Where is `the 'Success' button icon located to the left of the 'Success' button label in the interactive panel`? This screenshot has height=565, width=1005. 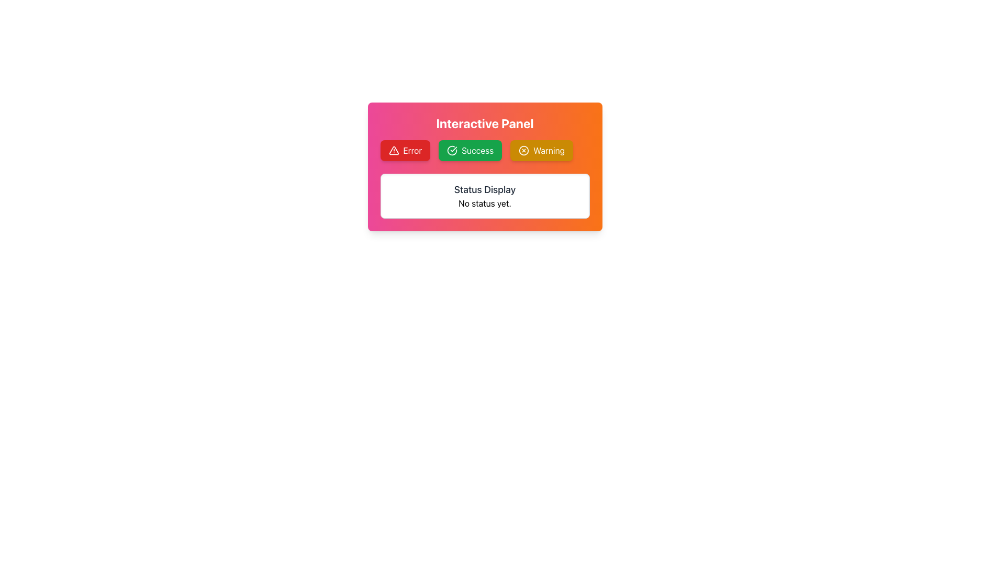 the 'Success' button icon located to the left of the 'Success' button label in the interactive panel is located at coordinates (452, 151).